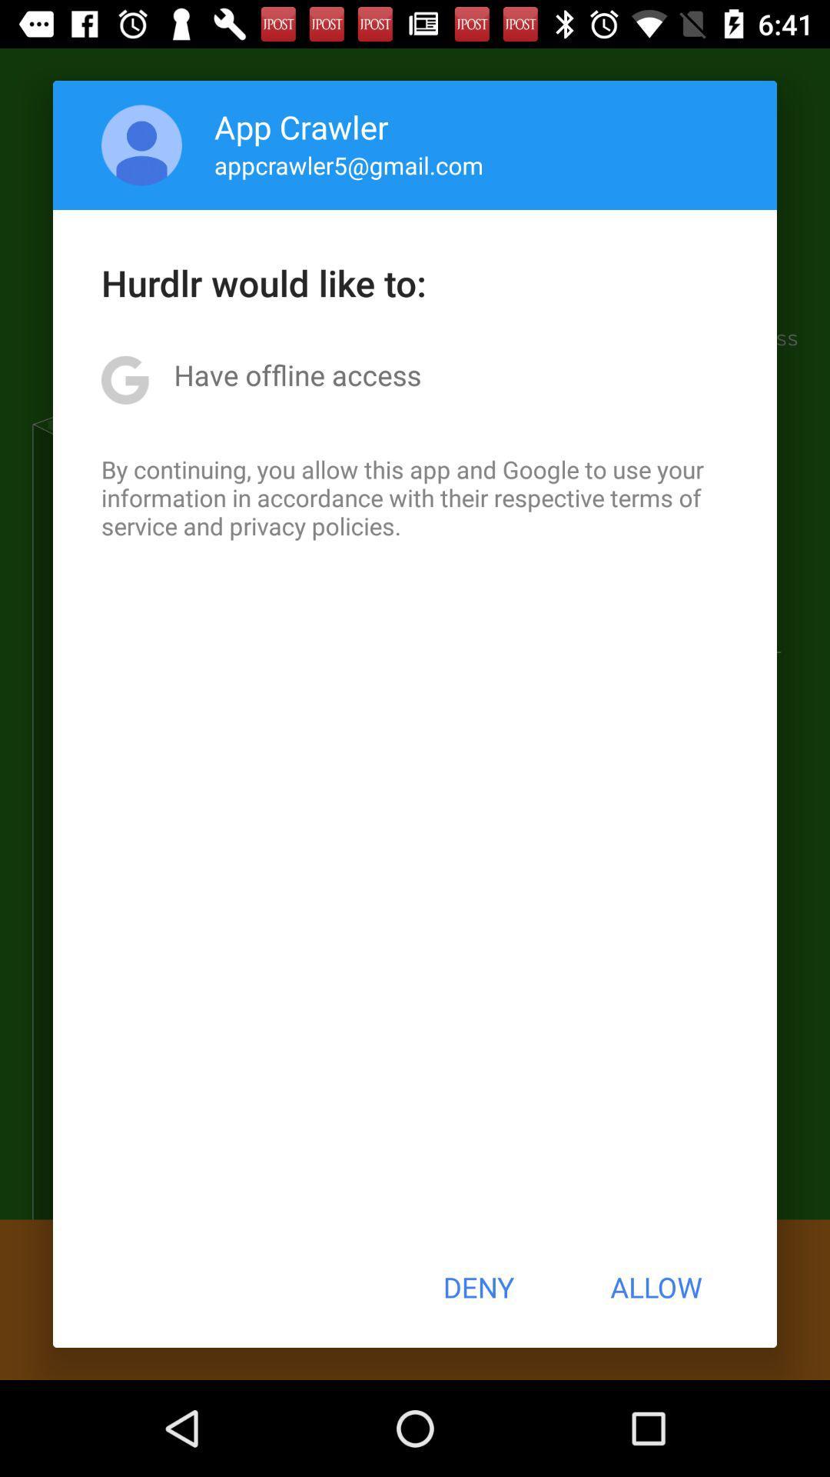 Image resolution: width=830 pixels, height=1477 pixels. What do you see at coordinates (477, 1287) in the screenshot?
I see `the item below by continuing you icon` at bounding box center [477, 1287].